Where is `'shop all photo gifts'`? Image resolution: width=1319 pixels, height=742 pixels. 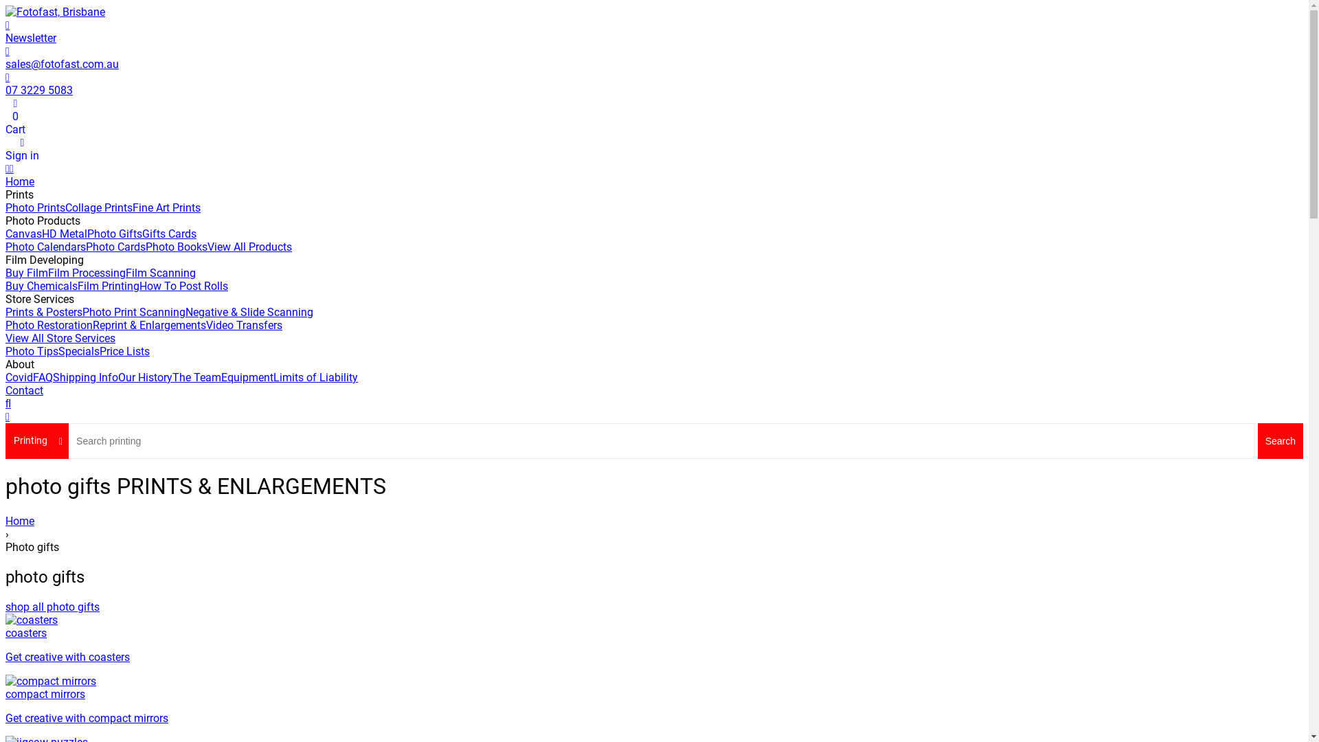
'shop all photo gifts' is located at coordinates (52, 606).